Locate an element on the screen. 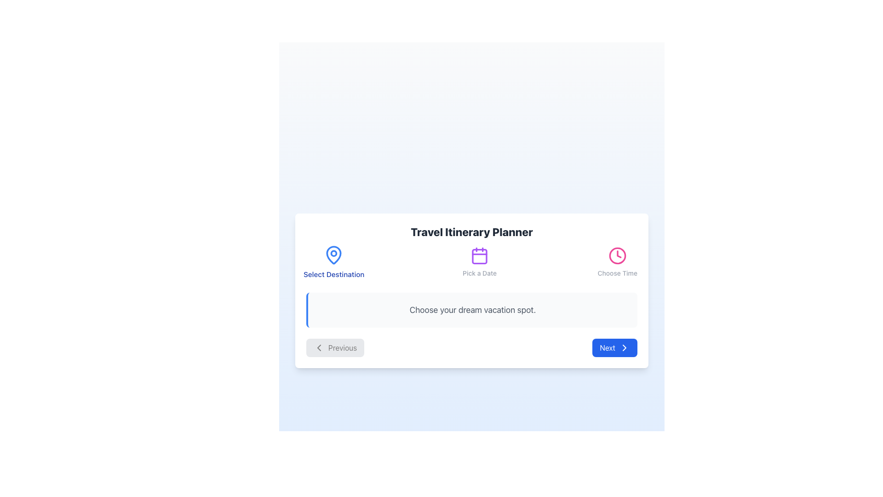 The height and width of the screenshot is (497, 883). the SVG rectangle with rounded corners inside the 'Pick a Date' calendar icon, which is the second icon in the toolbar at the top of the card is located at coordinates (479, 256).